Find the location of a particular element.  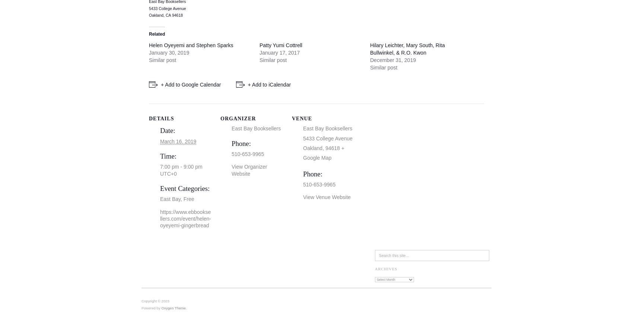

'+ Google Map' is located at coordinates (324, 152).